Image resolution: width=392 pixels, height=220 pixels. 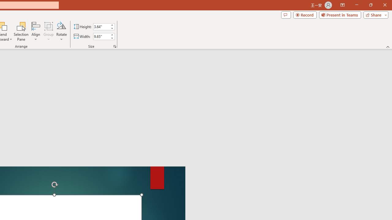 What do you see at coordinates (36, 31) in the screenshot?
I see `'Align'` at bounding box center [36, 31].